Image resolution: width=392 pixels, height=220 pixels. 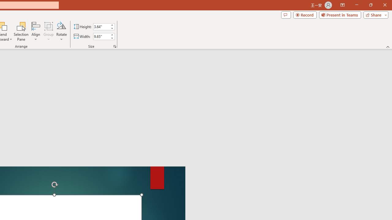 What do you see at coordinates (36, 31) in the screenshot?
I see `'Align'` at bounding box center [36, 31].